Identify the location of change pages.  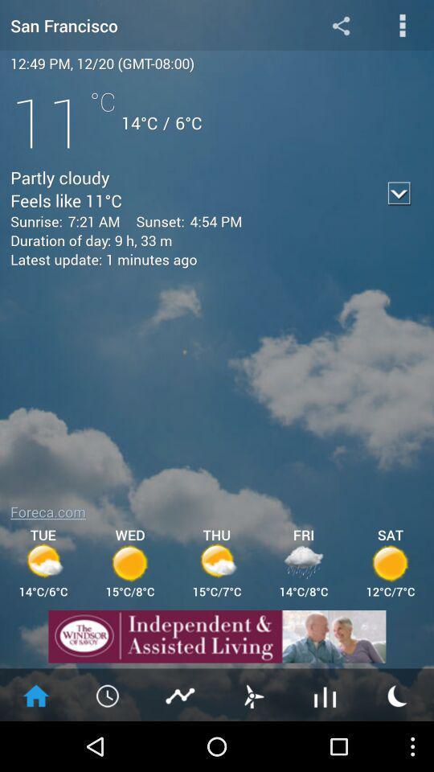
(252, 694).